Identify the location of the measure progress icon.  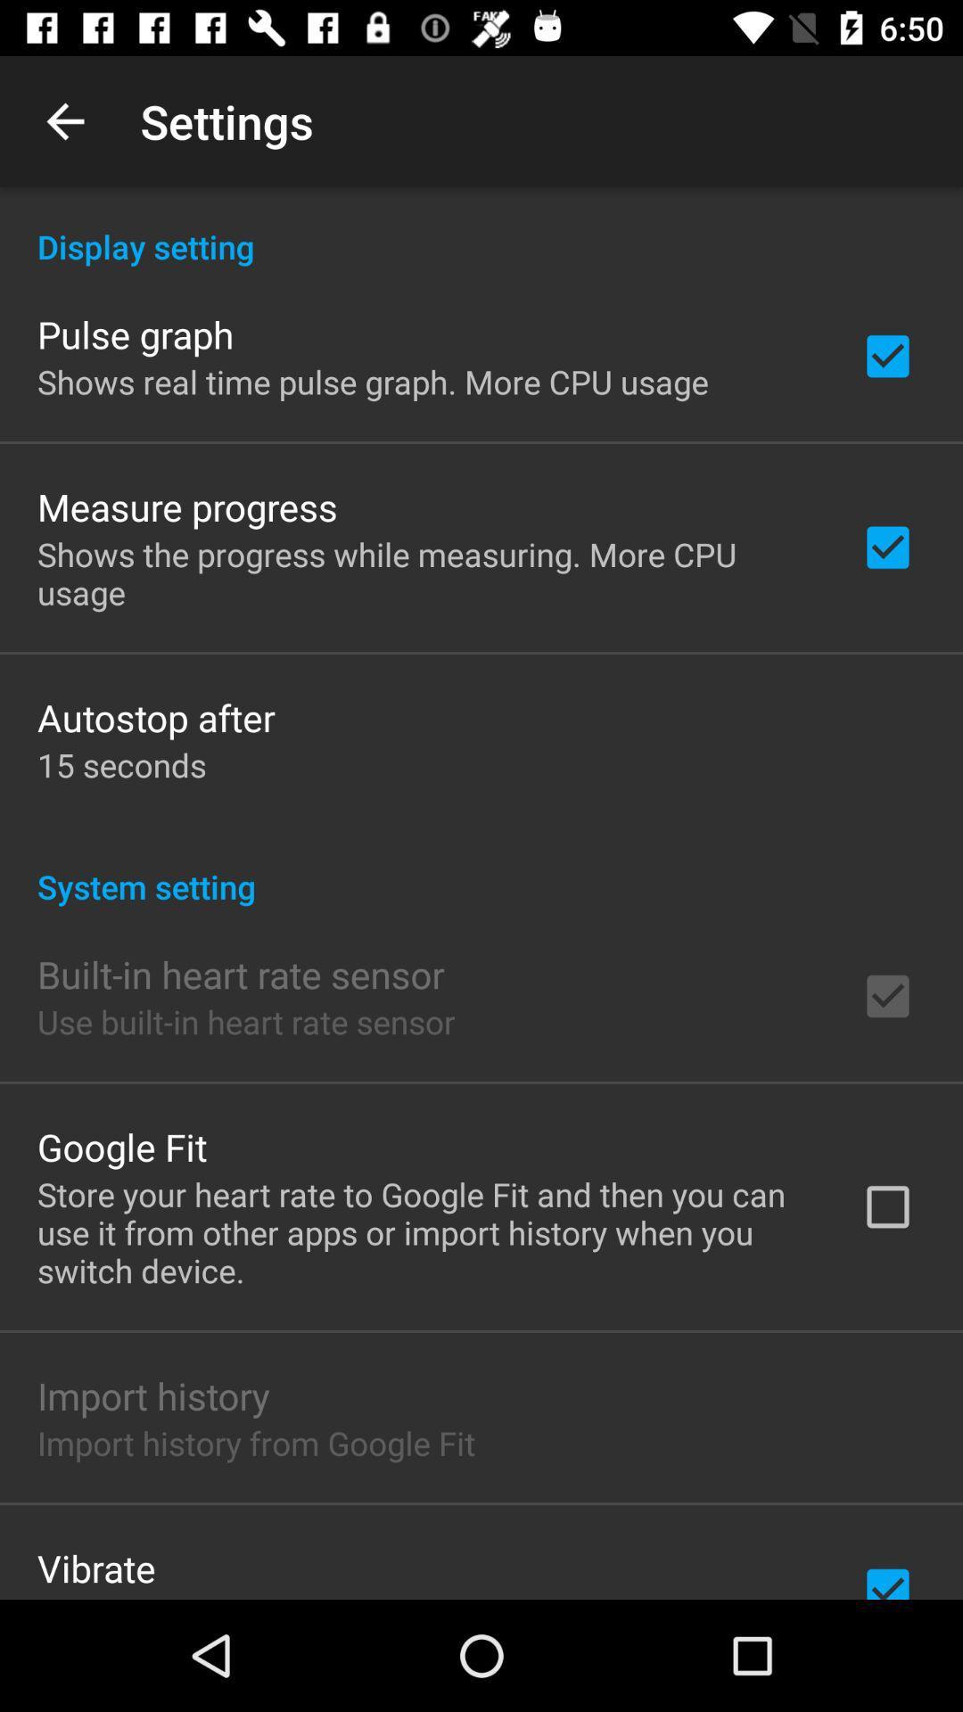
(187, 506).